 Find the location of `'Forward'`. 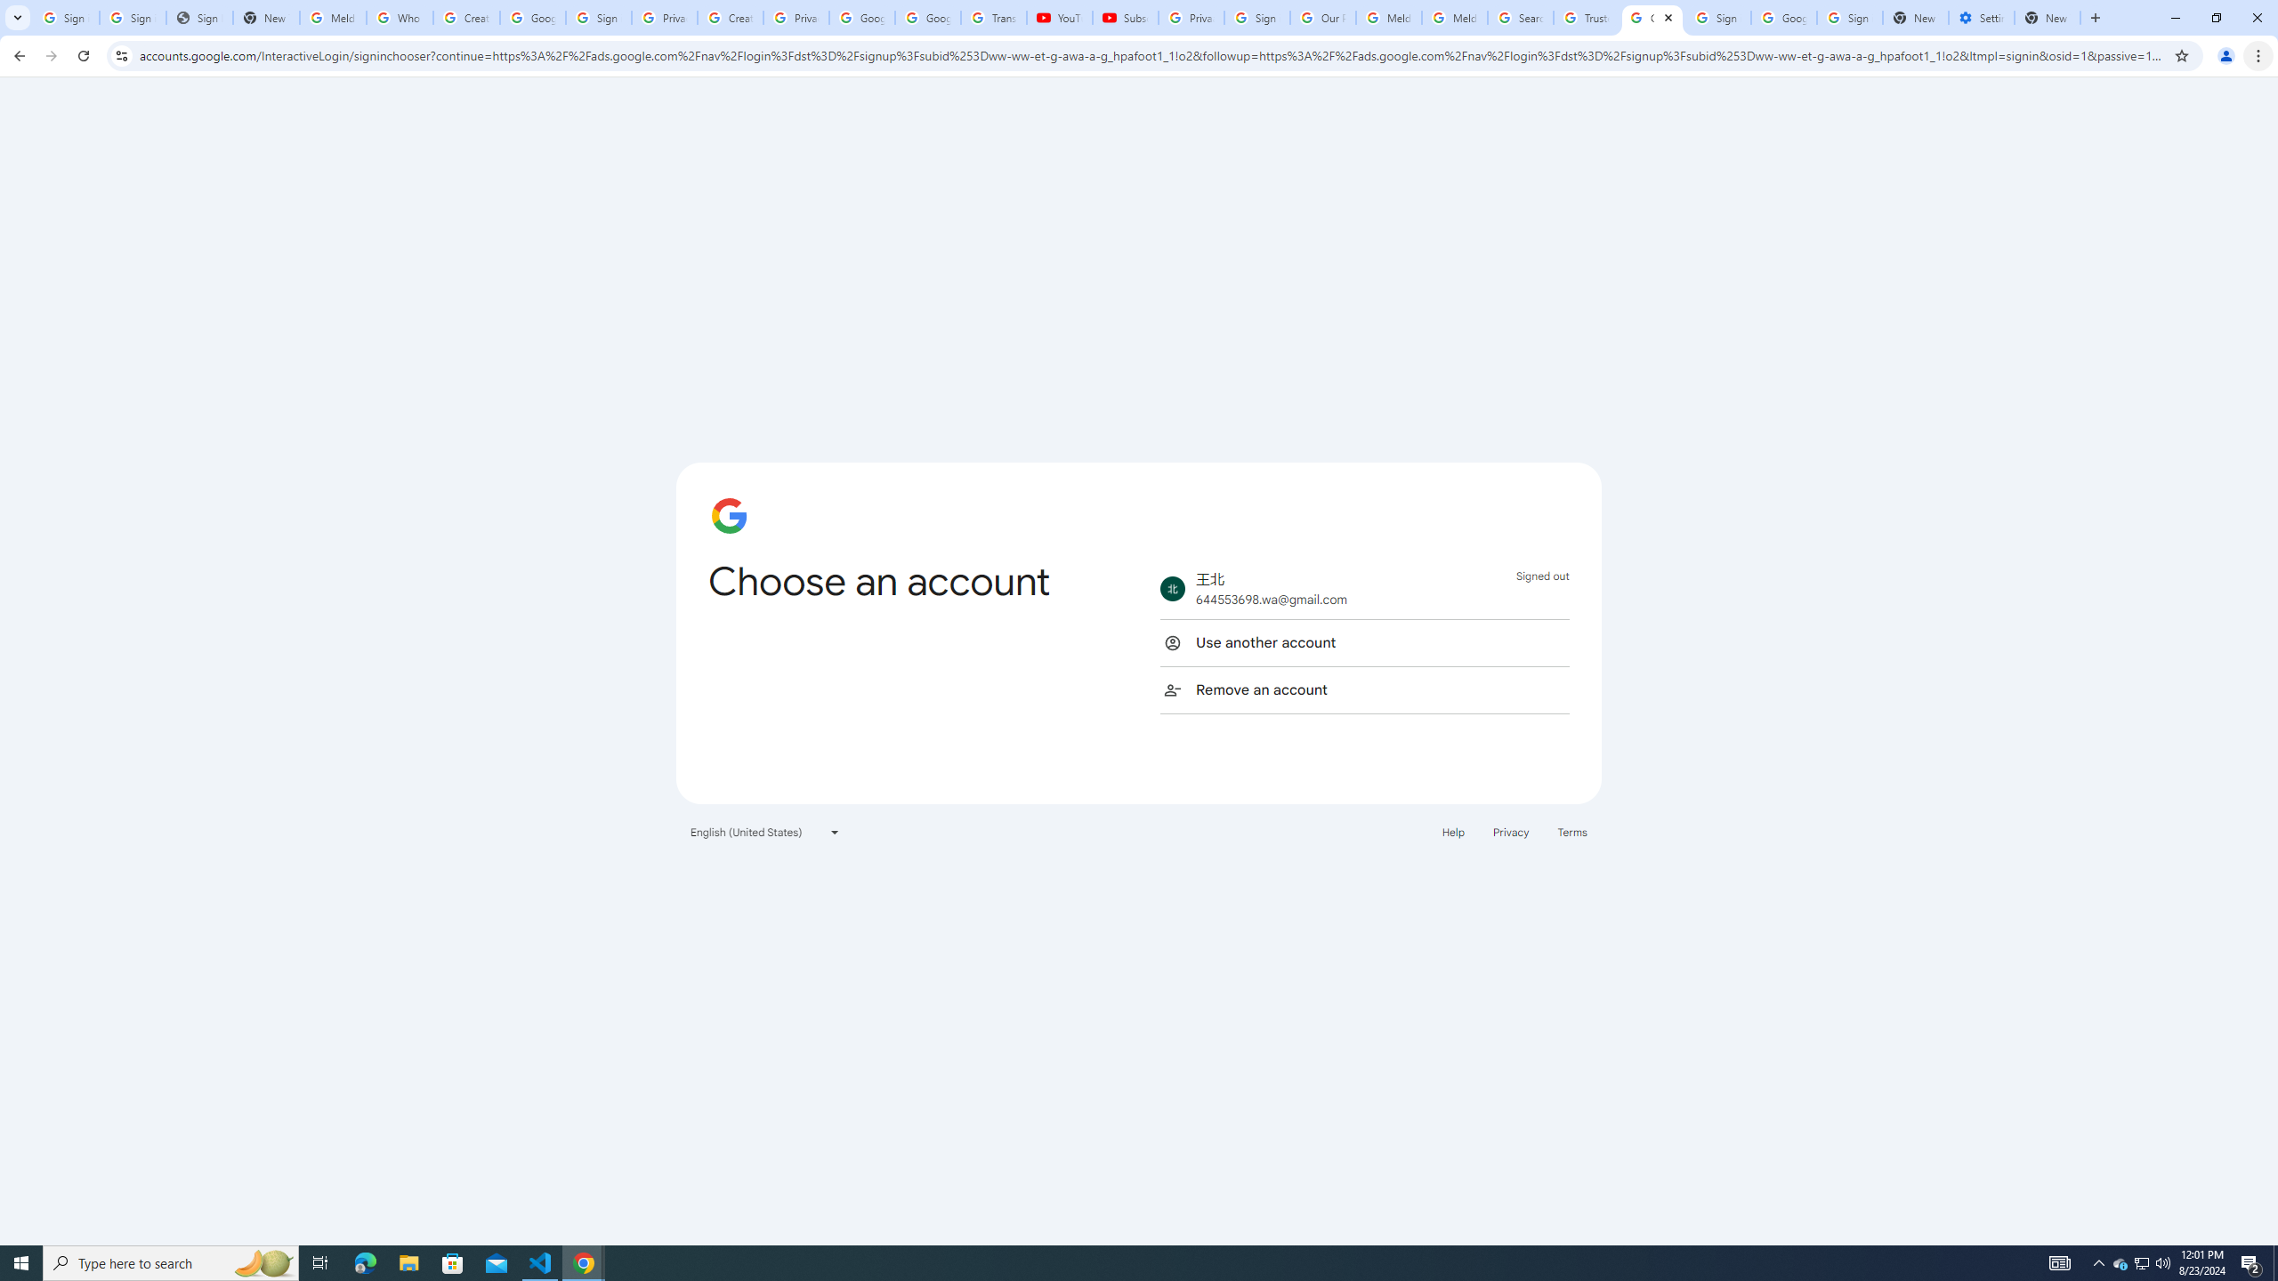

'Forward' is located at coordinates (51, 55).